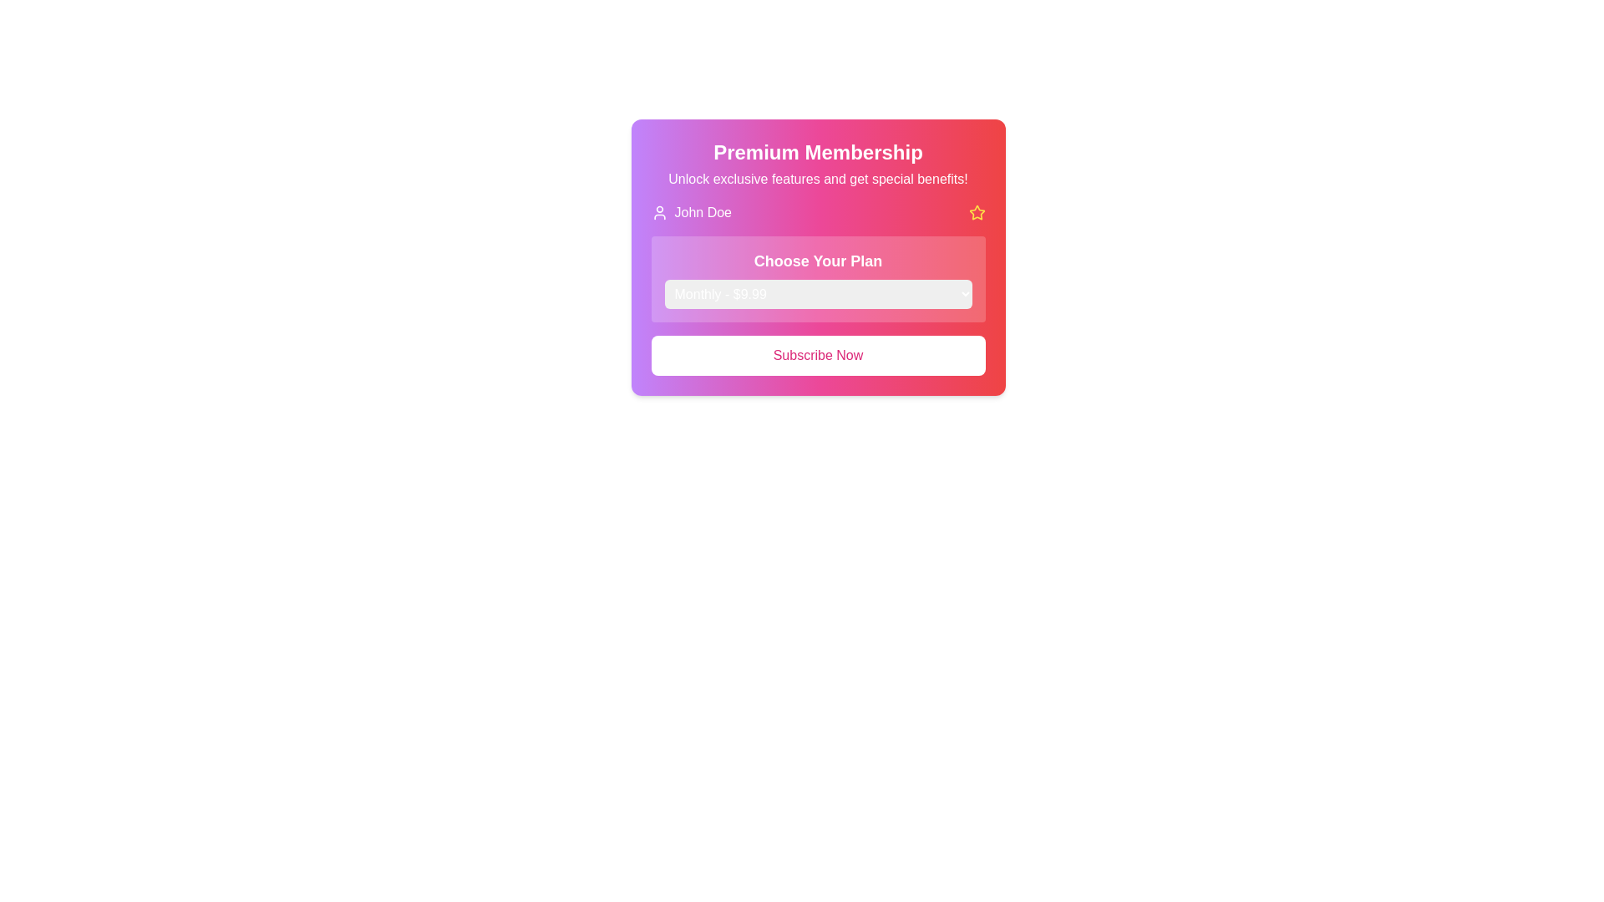  What do you see at coordinates (977, 211) in the screenshot?
I see `the yellow star icon with a hollow center, located to the right of the user name 'John Doe' within the card-like interface` at bounding box center [977, 211].